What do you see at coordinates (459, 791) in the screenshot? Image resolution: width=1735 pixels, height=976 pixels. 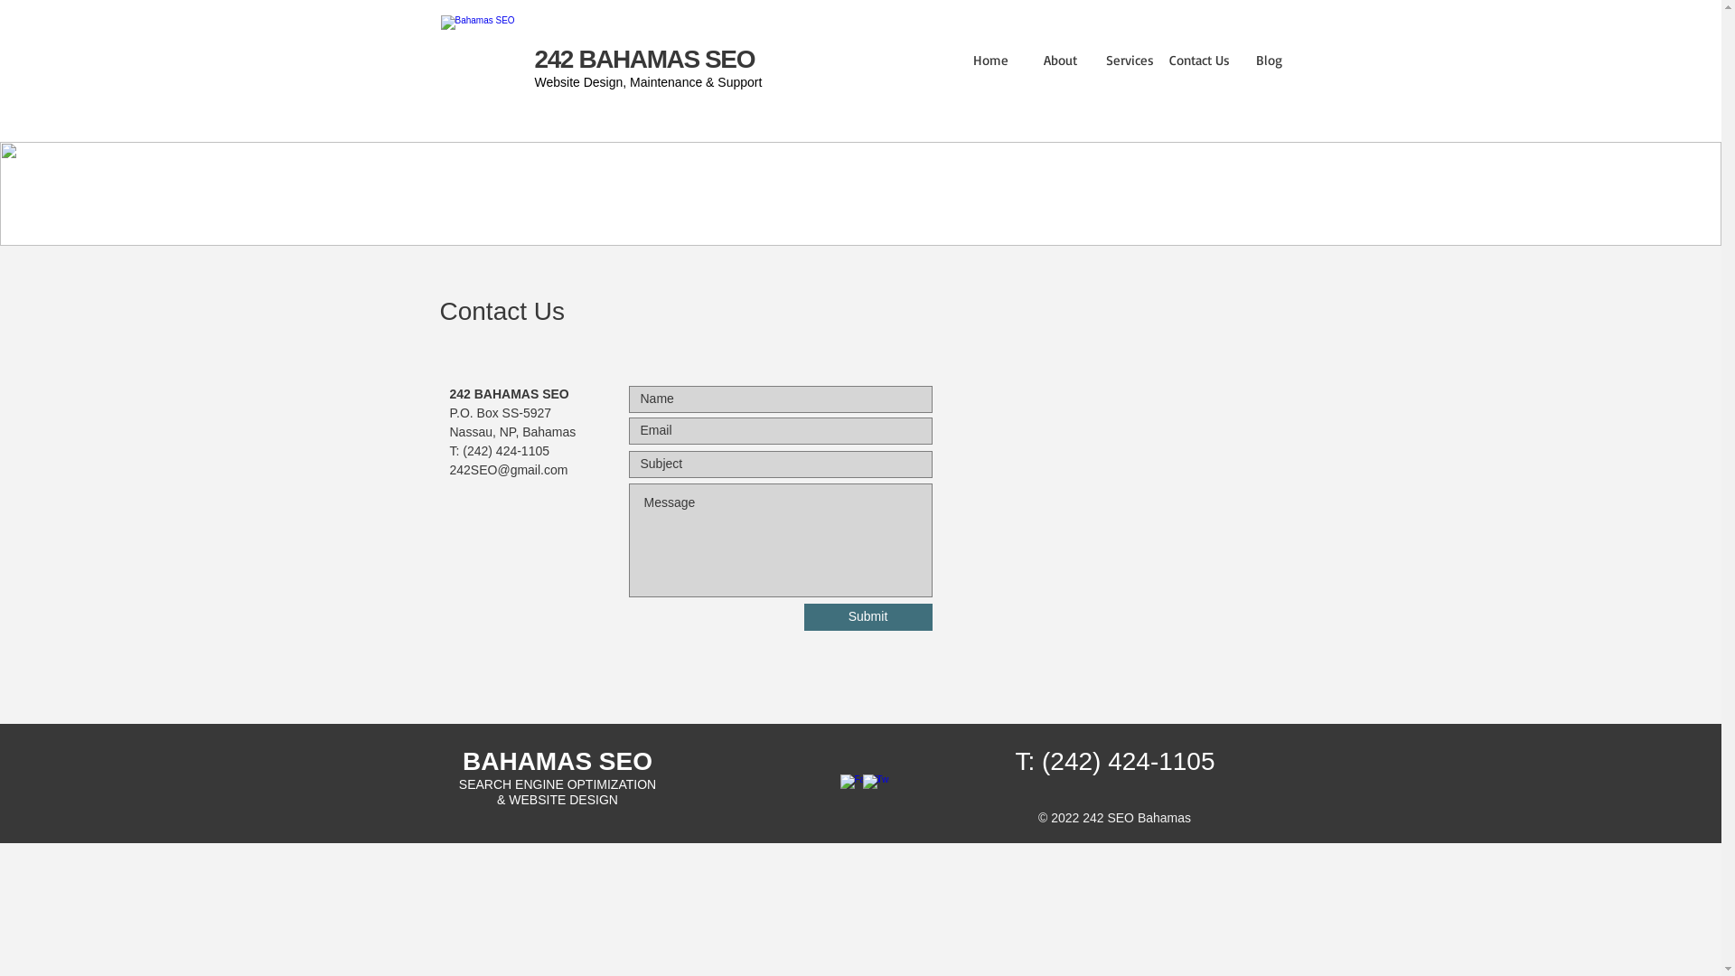 I see `'SEARCH ENGINE OPTIMIZATION & WEBSITE DESIGN'` at bounding box center [459, 791].